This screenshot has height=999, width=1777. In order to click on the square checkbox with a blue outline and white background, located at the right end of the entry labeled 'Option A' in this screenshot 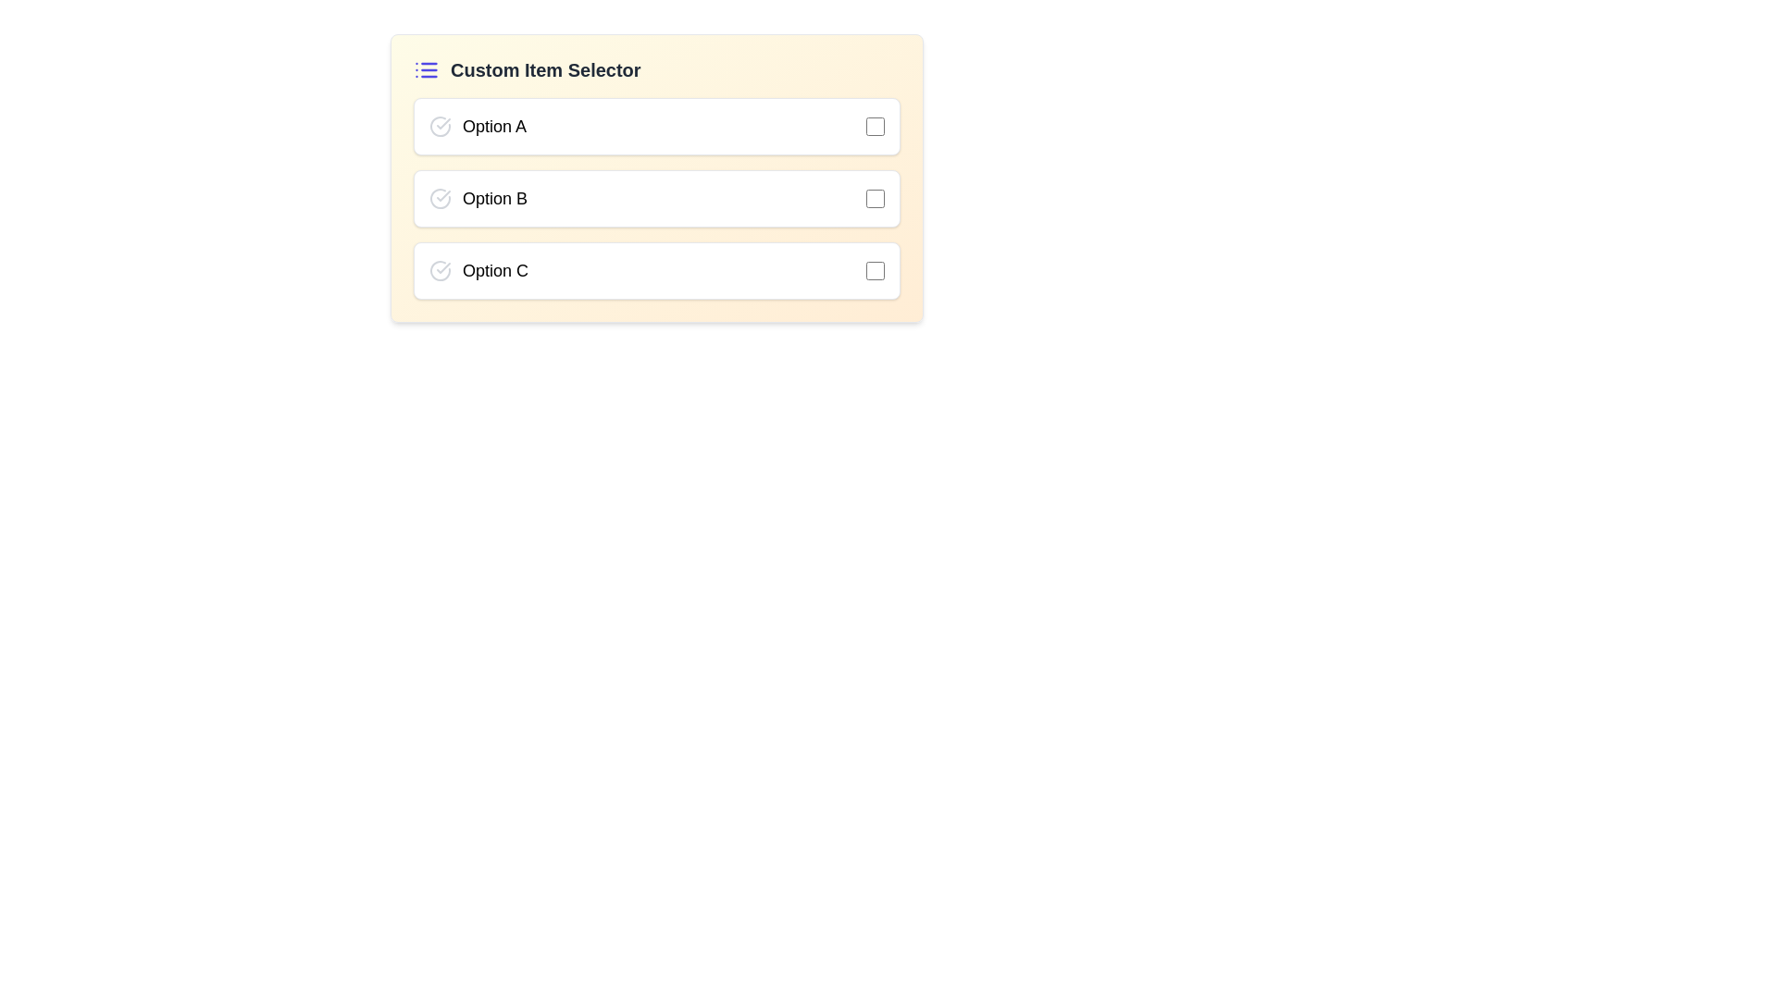, I will do `click(874, 126)`.